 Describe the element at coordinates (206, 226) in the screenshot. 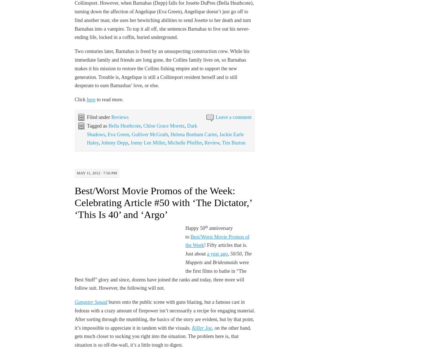

I see `'th'` at that location.